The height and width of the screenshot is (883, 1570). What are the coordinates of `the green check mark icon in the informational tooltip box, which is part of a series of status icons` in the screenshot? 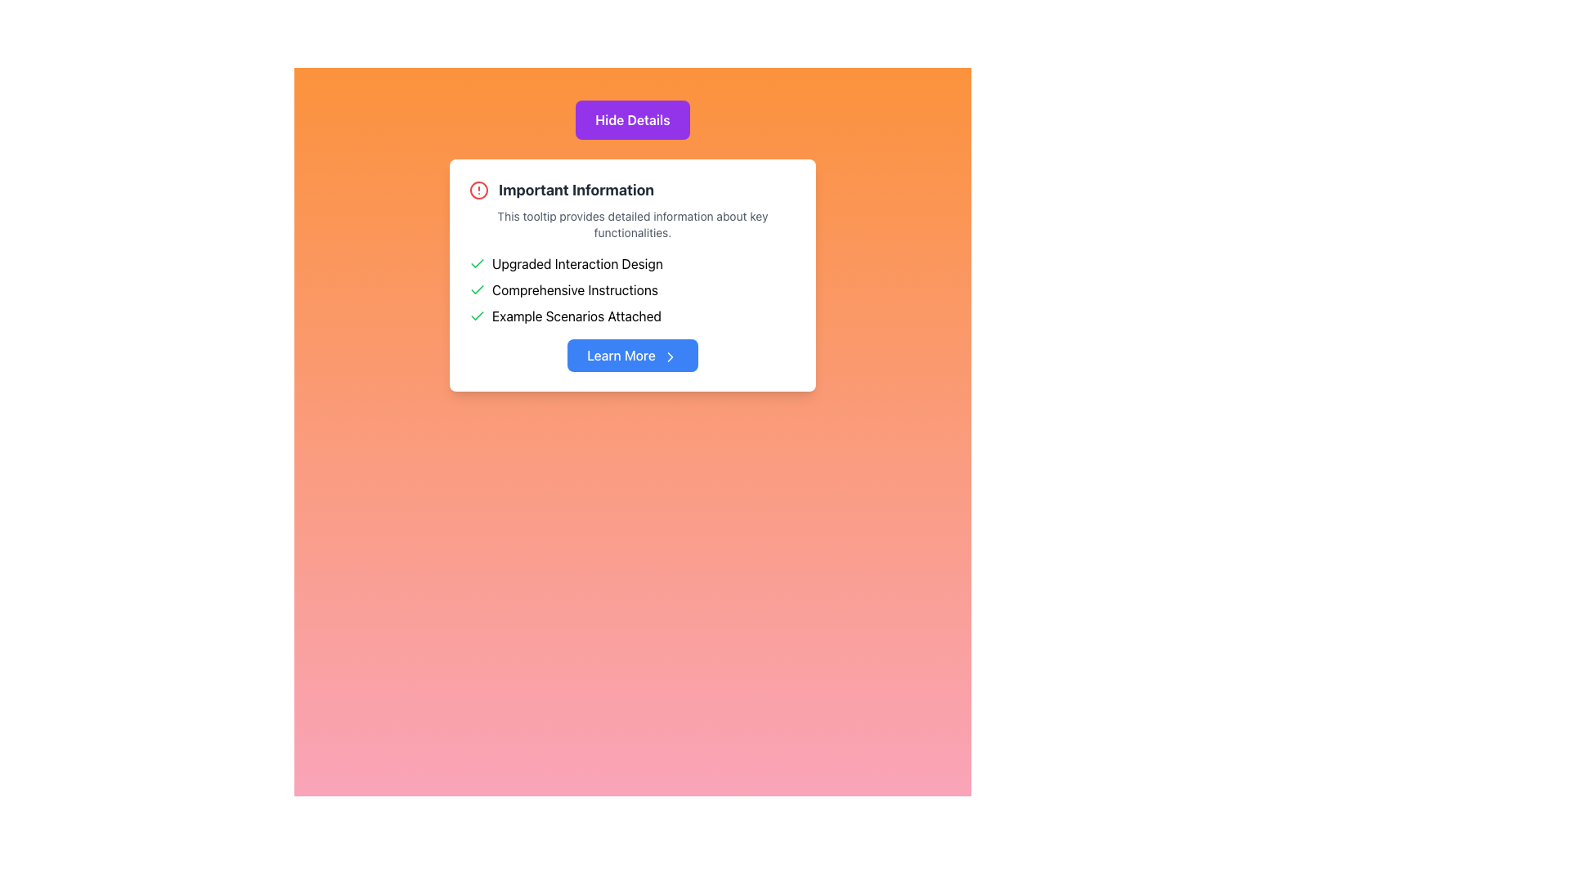 It's located at (477, 289).